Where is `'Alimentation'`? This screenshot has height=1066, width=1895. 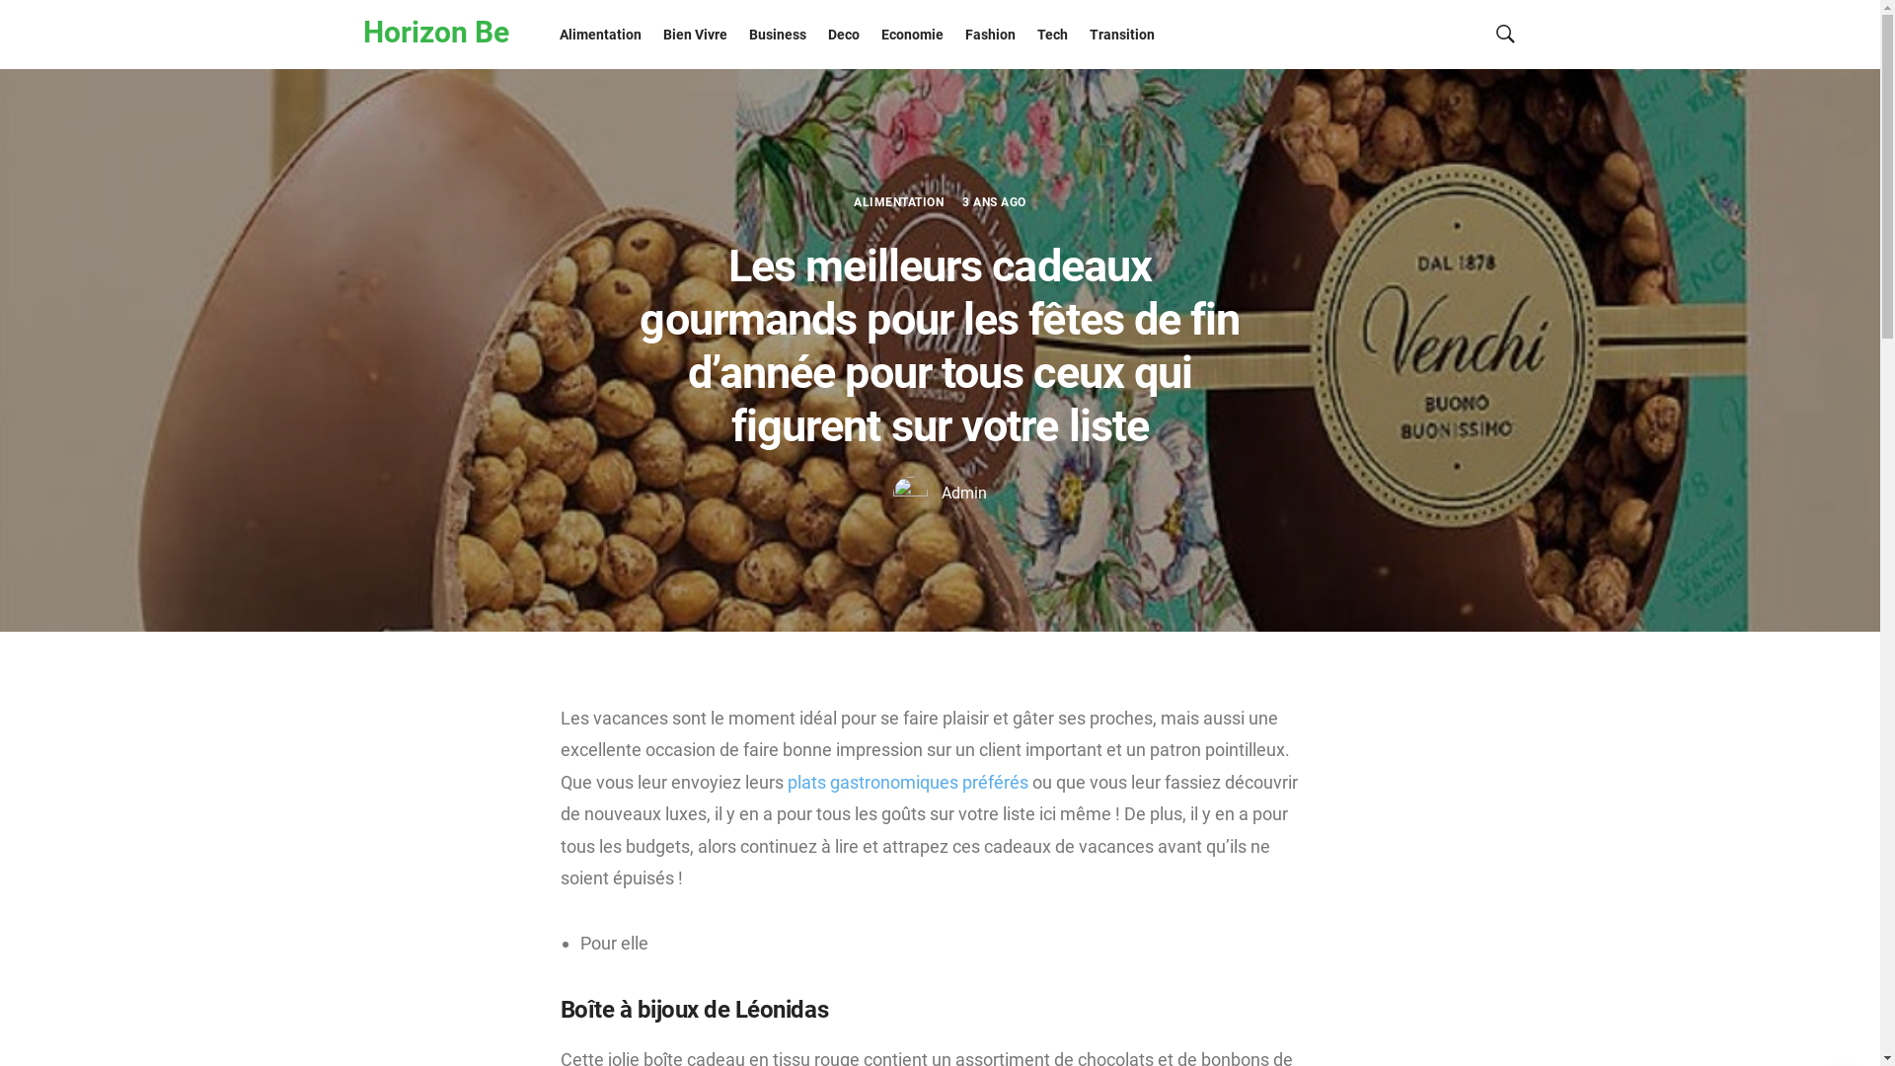 'Alimentation' is located at coordinates (599, 34).